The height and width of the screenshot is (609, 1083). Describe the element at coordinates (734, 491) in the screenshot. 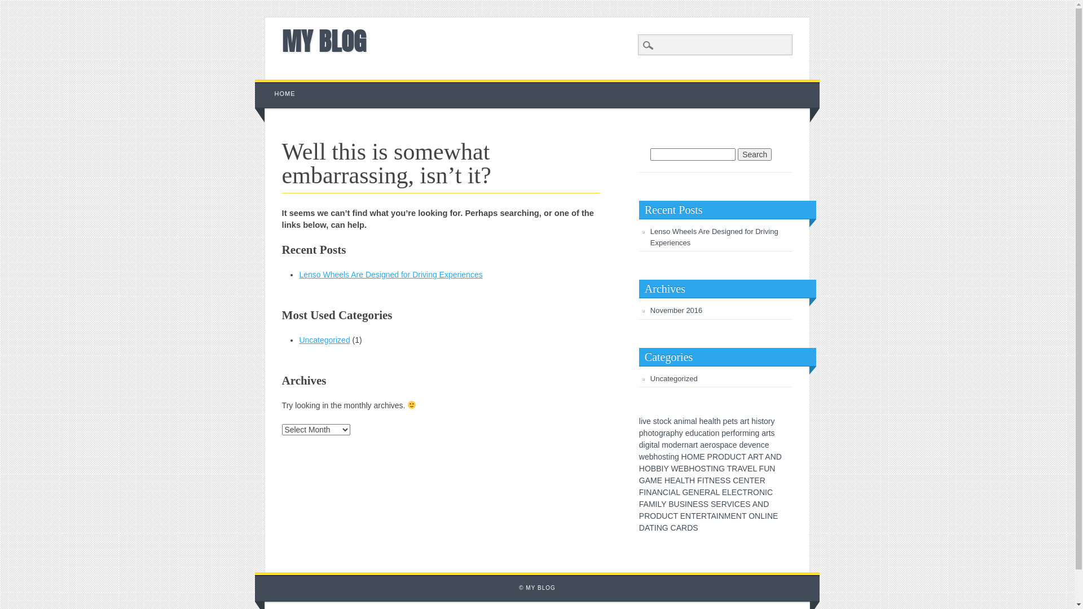

I see `'E'` at that location.